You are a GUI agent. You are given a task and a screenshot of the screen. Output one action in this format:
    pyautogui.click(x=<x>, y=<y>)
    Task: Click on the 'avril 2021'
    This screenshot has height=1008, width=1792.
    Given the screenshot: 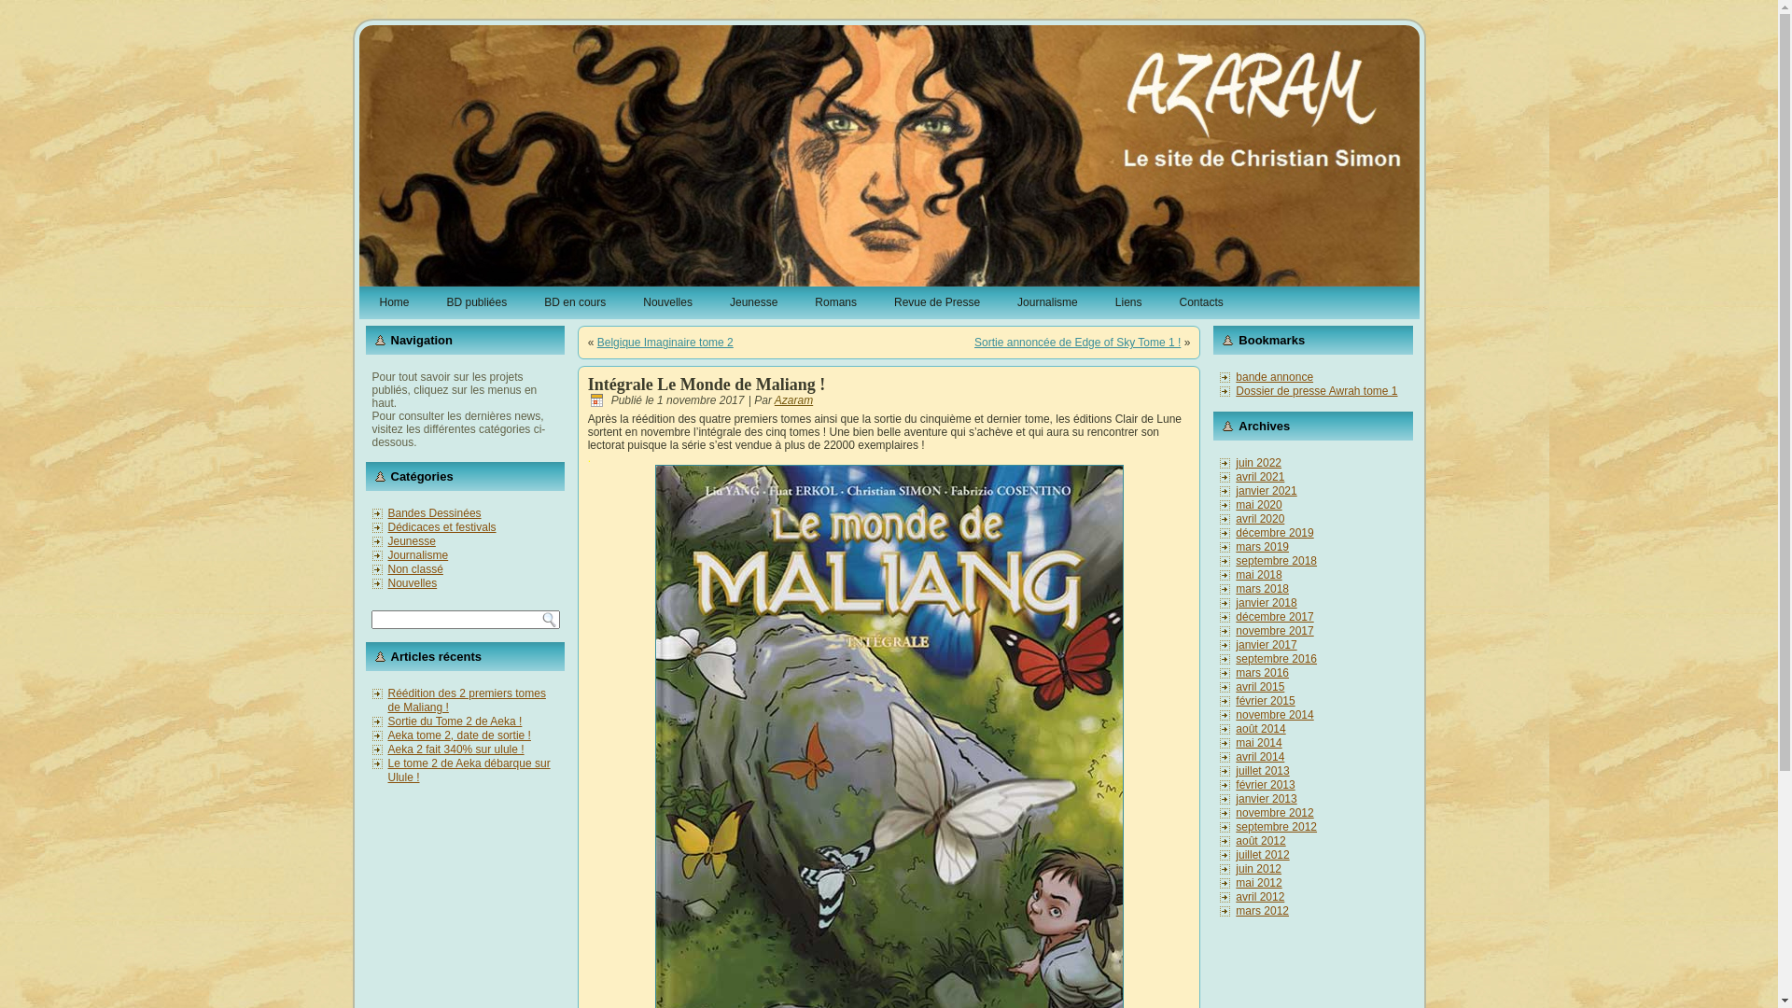 What is the action you would take?
    pyautogui.click(x=1259, y=475)
    